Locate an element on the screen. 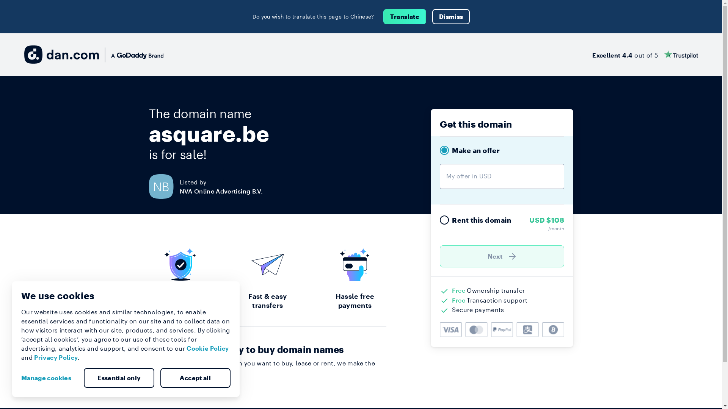  'Translate' is located at coordinates (383, 16).